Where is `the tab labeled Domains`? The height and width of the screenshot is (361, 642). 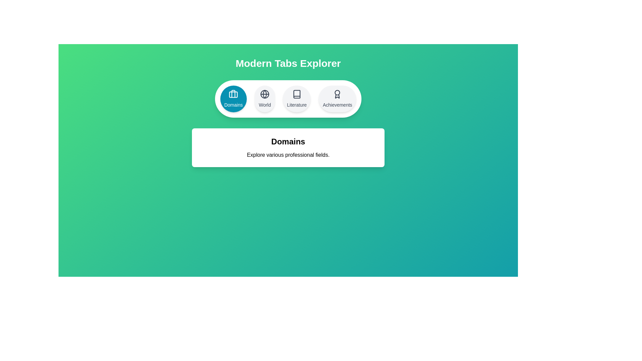
the tab labeled Domains is located at coordinates (233, 99).